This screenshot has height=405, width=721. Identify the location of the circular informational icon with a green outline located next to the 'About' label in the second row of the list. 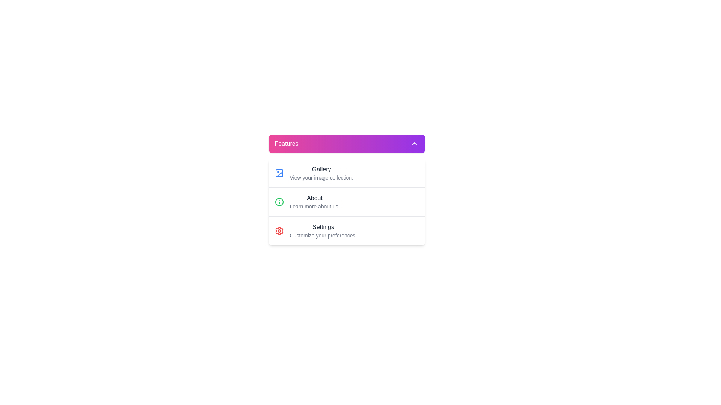
(279, 202).